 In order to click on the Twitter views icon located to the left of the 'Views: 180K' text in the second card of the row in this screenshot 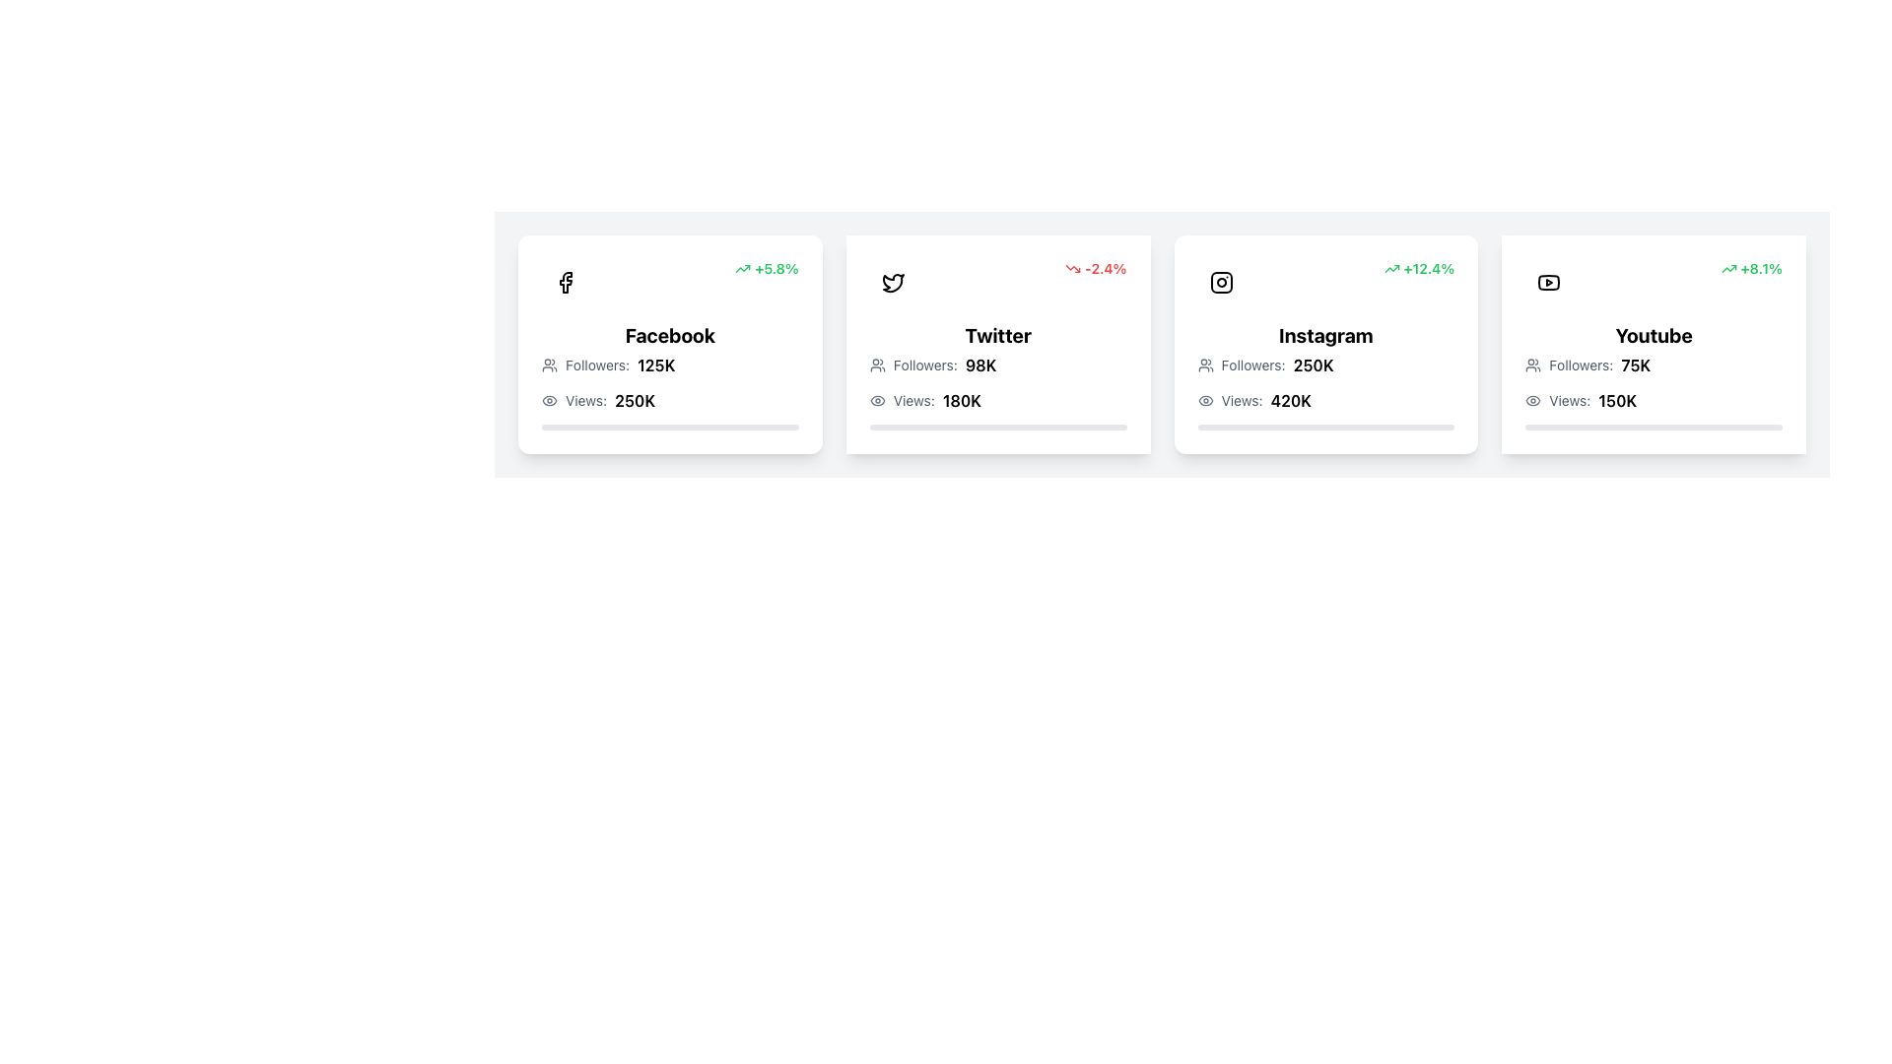, I will do `click(876, 400)`.